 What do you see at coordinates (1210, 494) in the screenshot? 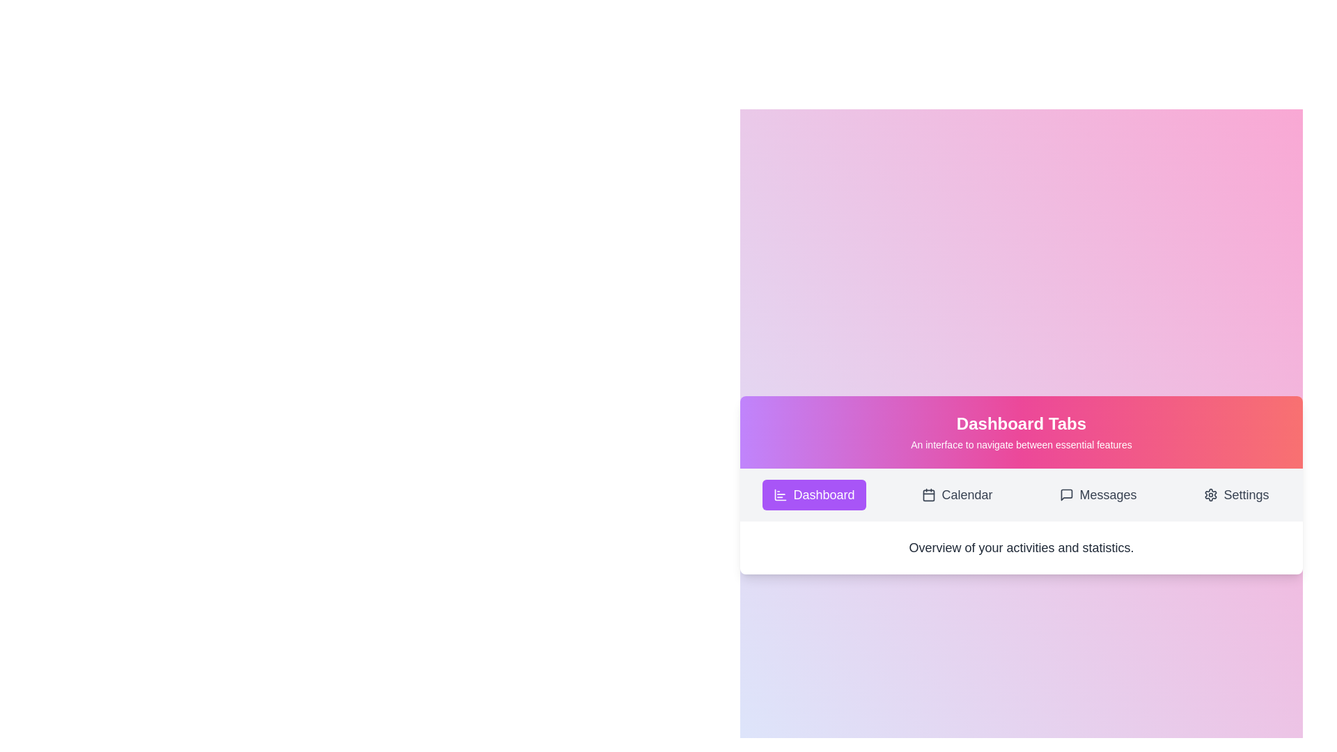
I see `the gear icon on the far right of the navigation bar` at bounding box center [1210, 494].